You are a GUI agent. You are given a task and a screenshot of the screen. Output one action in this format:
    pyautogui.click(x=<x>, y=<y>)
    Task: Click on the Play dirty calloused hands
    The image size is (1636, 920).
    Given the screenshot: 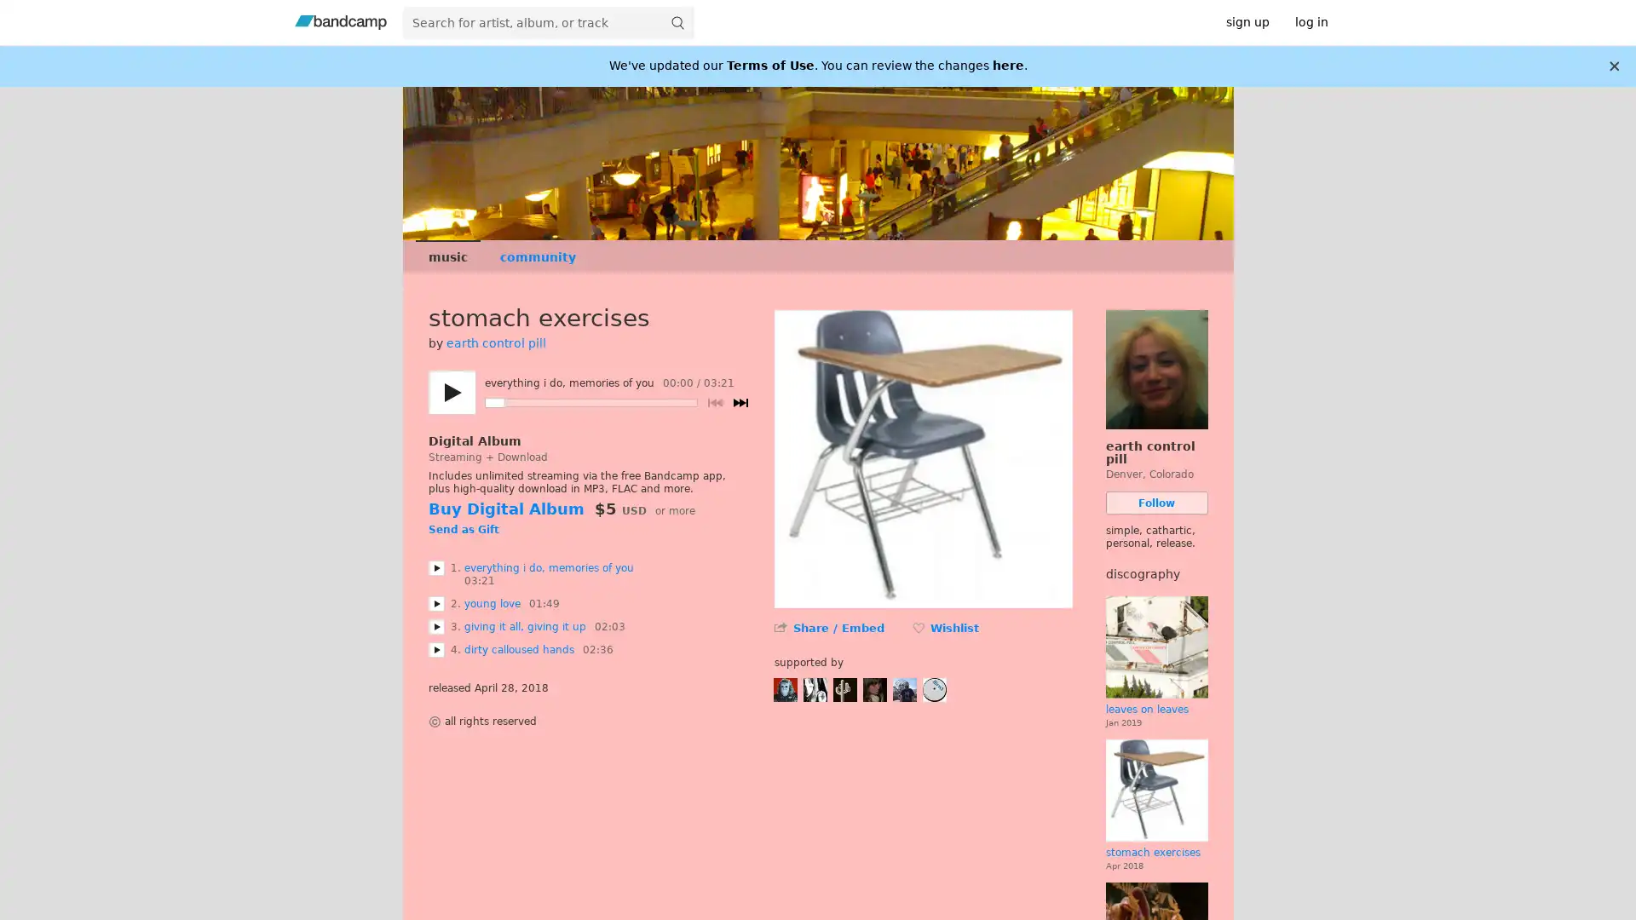 What is the action you would take?
    pyautogui.click(x=435, y=650)
    